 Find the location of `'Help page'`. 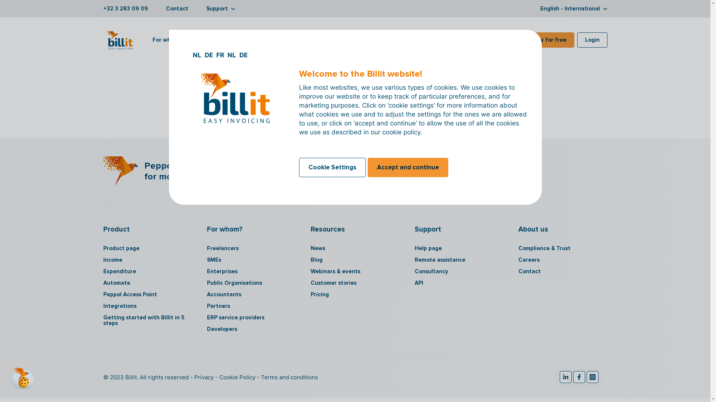

'Help page' is located at coordinates (458, 248).